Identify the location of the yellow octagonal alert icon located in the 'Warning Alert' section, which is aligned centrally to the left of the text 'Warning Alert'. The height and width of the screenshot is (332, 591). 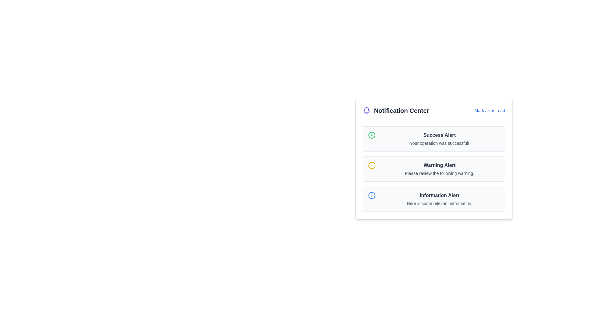
(372, 165).